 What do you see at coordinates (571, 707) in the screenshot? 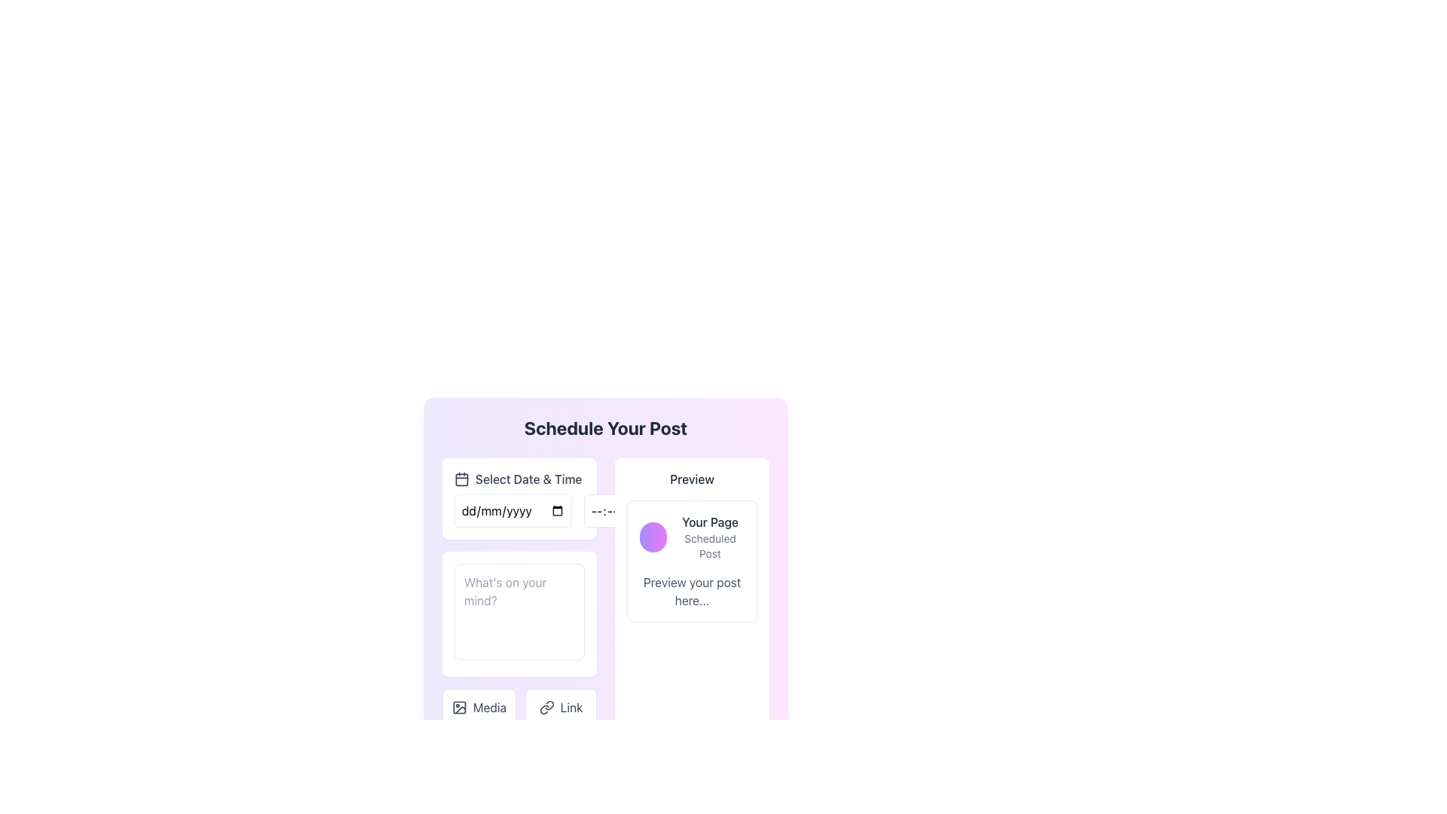
I see `the text label positioned at the bottom of the 'Schedule Your Post' section, which serves as a label for a button or clickable link` at bounding box center [571, 707].